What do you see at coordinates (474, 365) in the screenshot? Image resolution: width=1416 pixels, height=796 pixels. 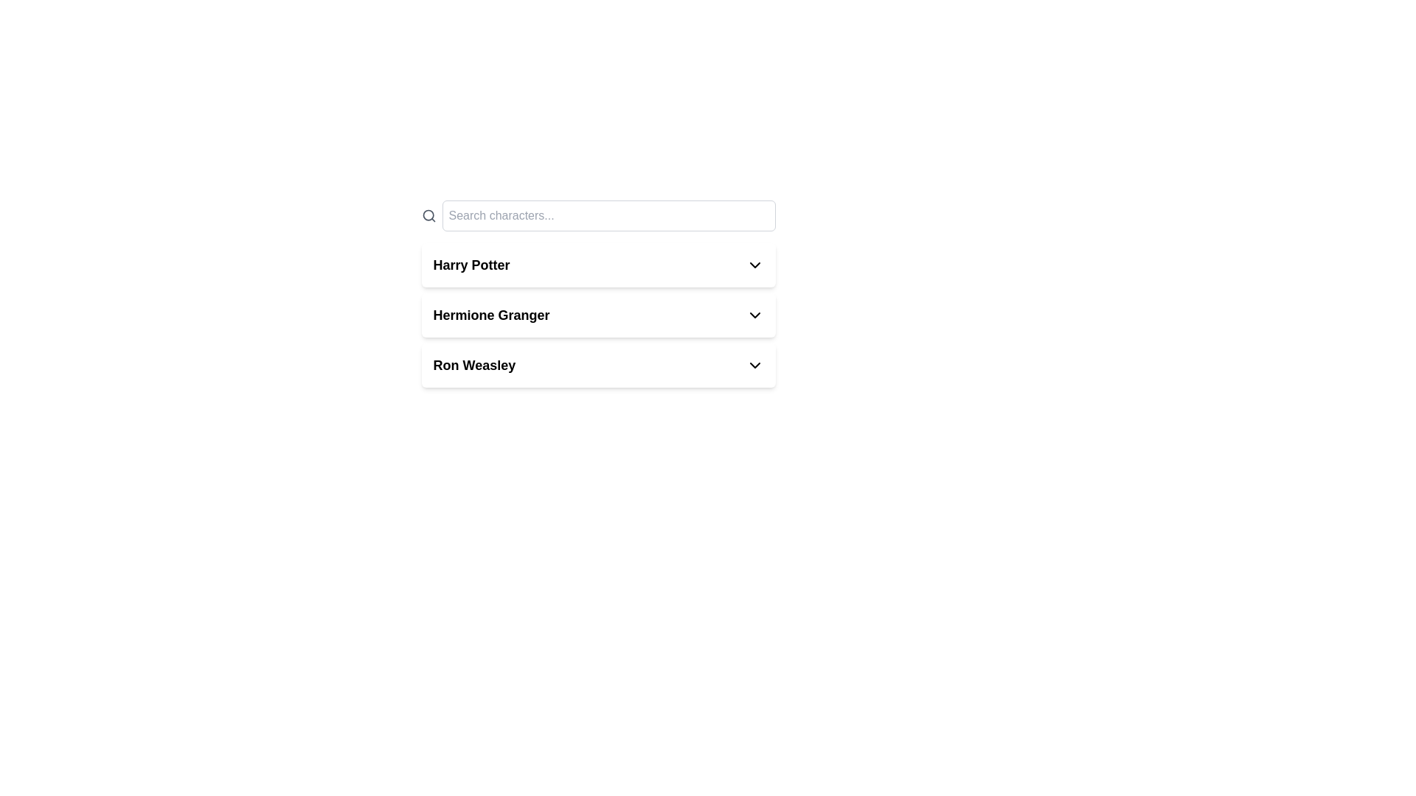 I see `the text label displaying 'Ron Weasley', which is styled as bold and large, positioned below 'Hermione Granger' and above other elements in the list` at bounding box center [474, 365].